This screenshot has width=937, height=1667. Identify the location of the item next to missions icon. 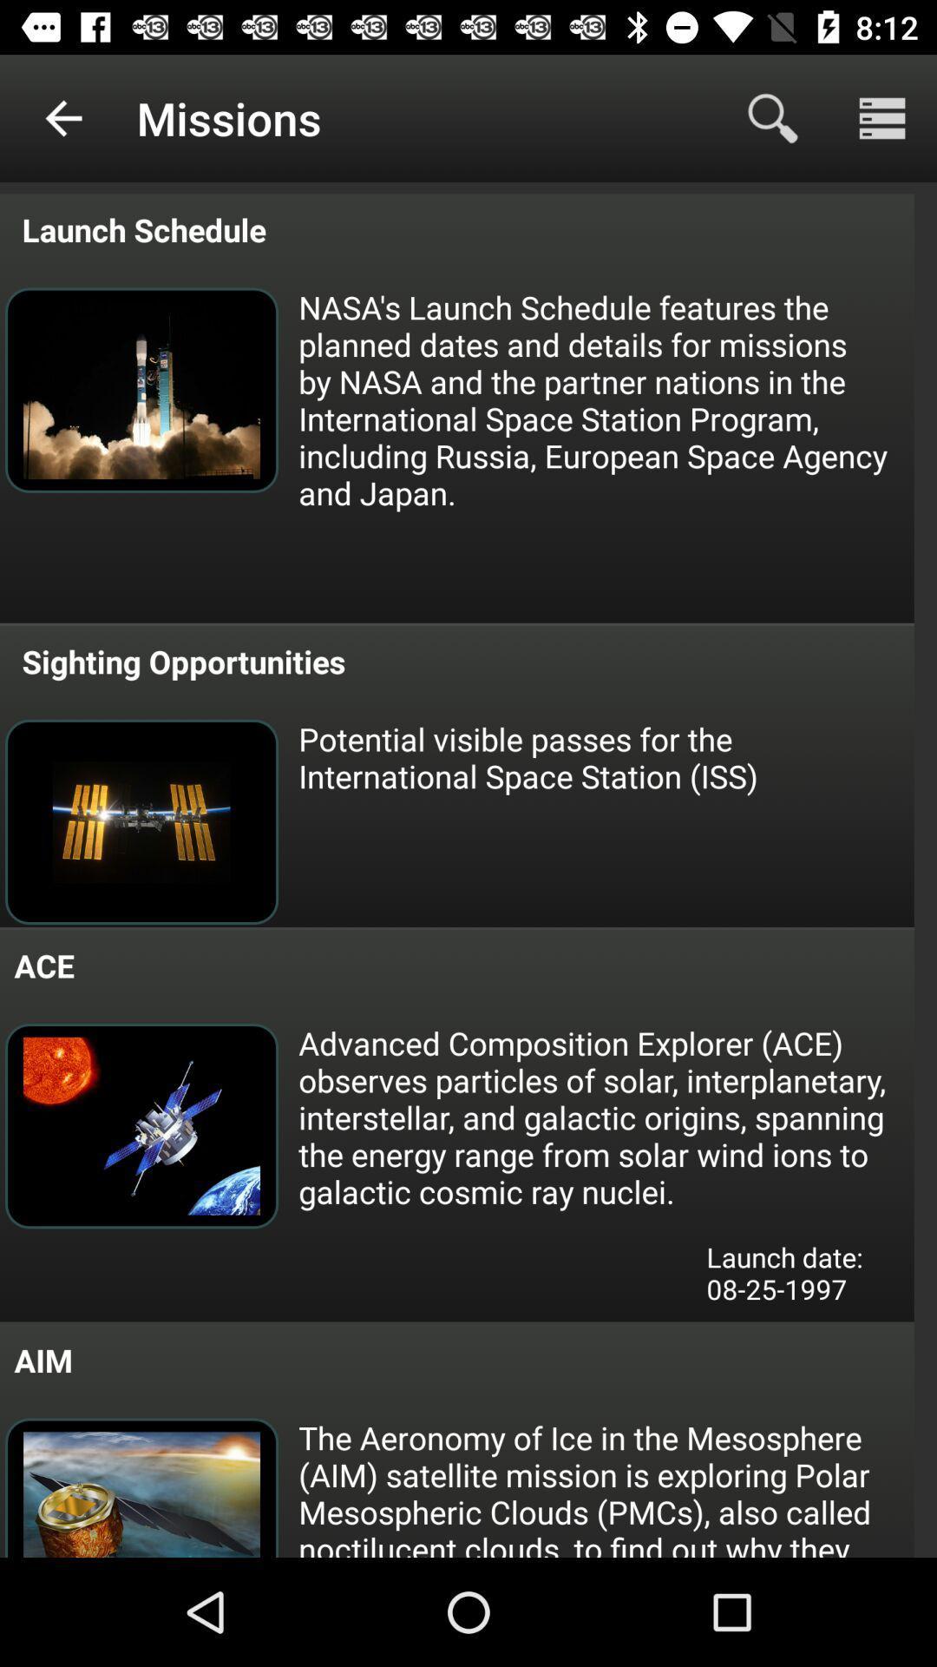
(62, 117).